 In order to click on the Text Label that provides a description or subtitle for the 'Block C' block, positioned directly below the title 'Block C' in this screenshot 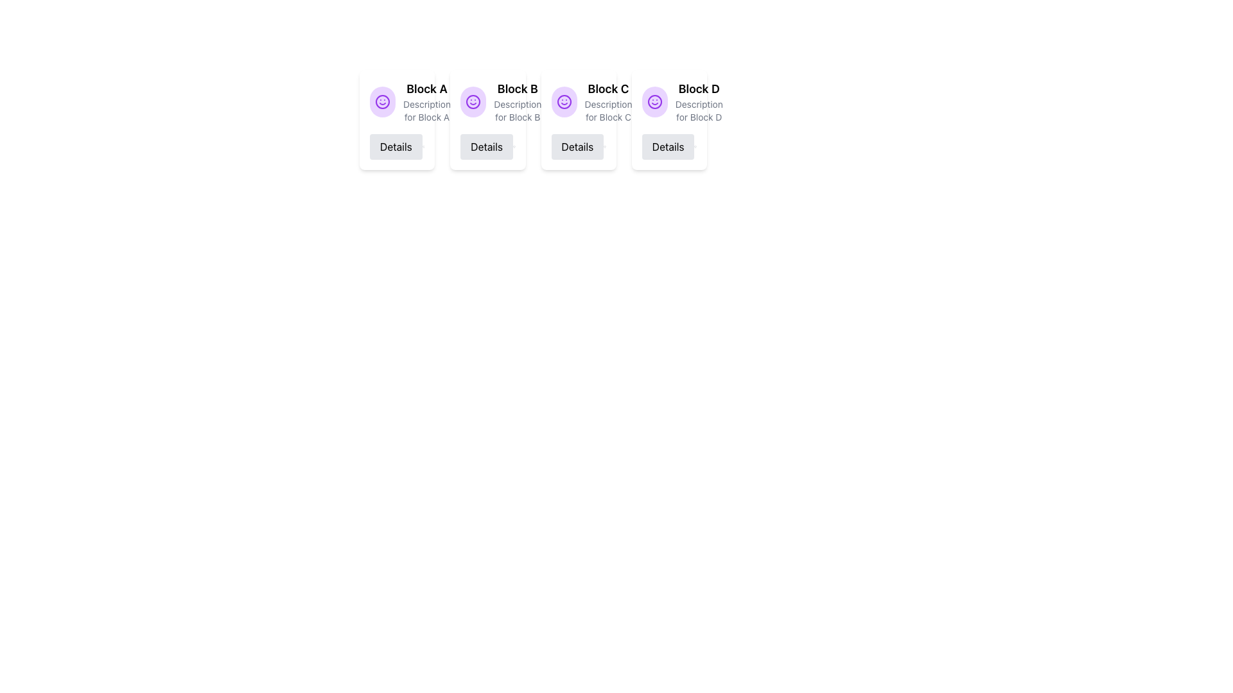, I will do `click(608, 110)`.